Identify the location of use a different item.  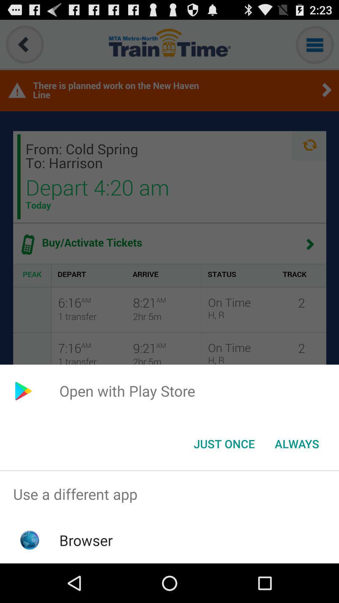
(169, 494).